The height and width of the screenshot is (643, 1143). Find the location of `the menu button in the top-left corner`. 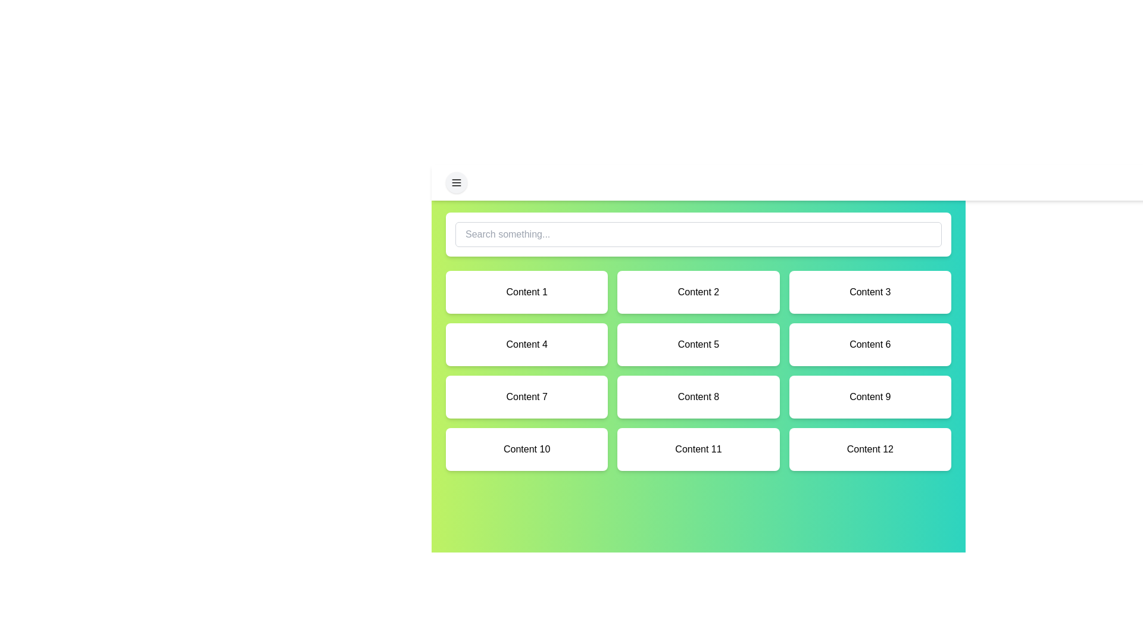

the menu button in the top-left corner is located at coordinates (456, 183).